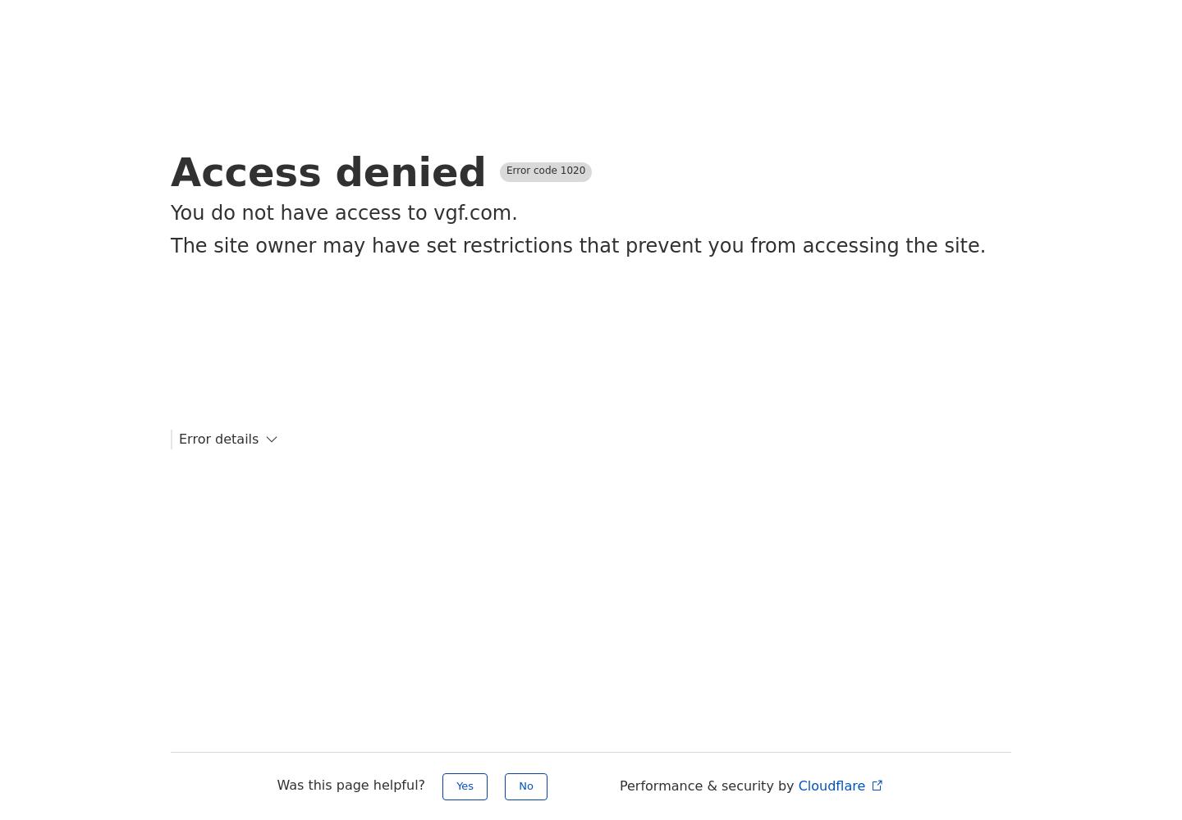 The height and width of the screenshot is (820, 1182). Describe the element at coordinates (525, 785) in the screenshot. I see `'No'` at that location.